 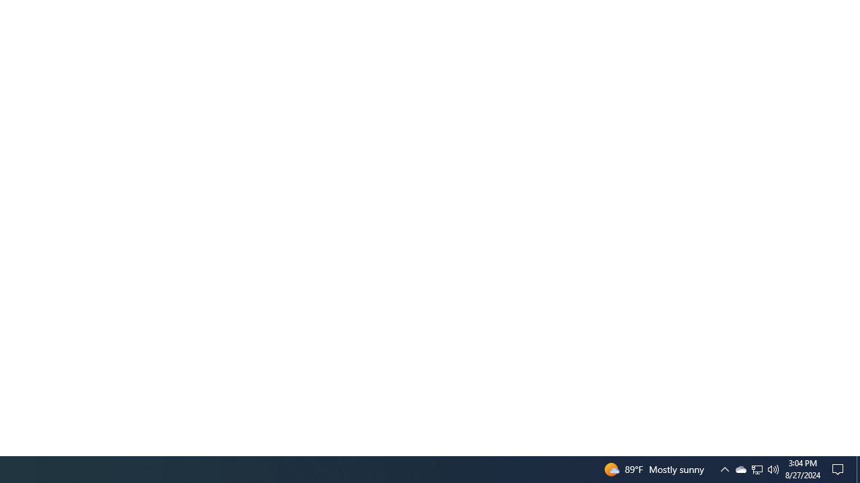 I want to click on 'Notification Chevron', so click(x=724, y=468).